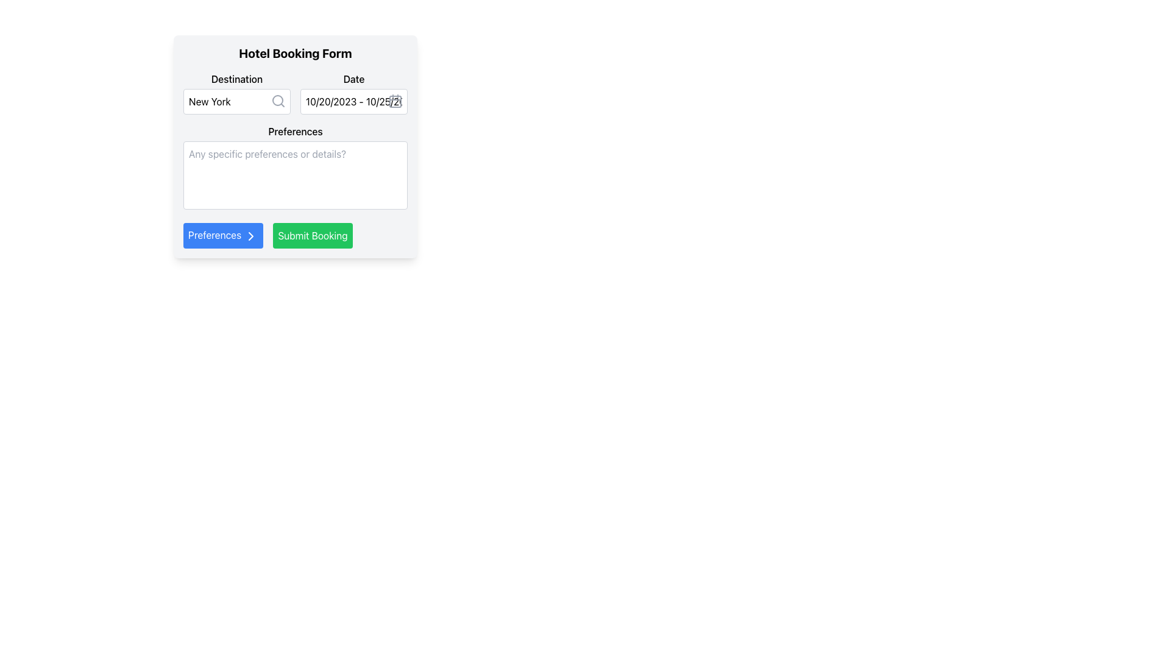  What do you see at coordinates (353, 101) in the screenshot?
I see `the text input field for the date range located beneath the 'Date' label` at bounding box center [353, 101].